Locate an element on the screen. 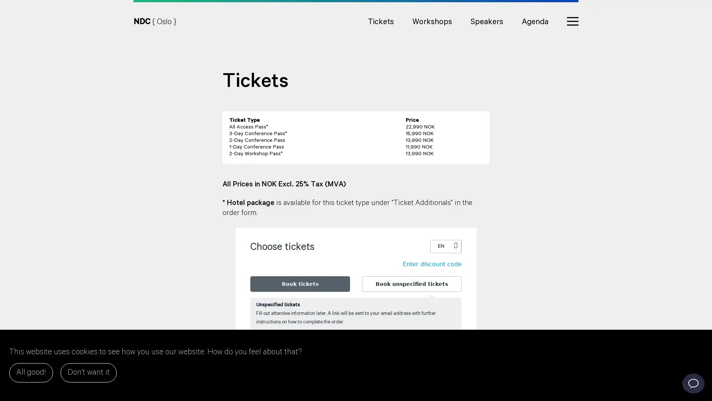  Add one more ticket is located at coordinates (455, 356).